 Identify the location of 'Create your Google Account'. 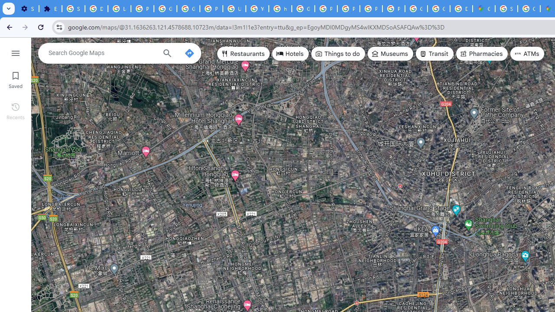
(528, 9).